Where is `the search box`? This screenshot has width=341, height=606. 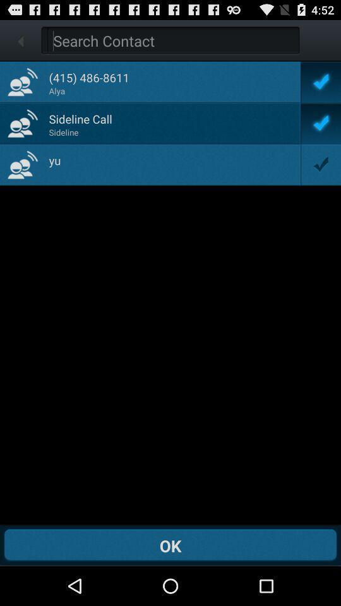
the search box is located at coordinates (172, 40).